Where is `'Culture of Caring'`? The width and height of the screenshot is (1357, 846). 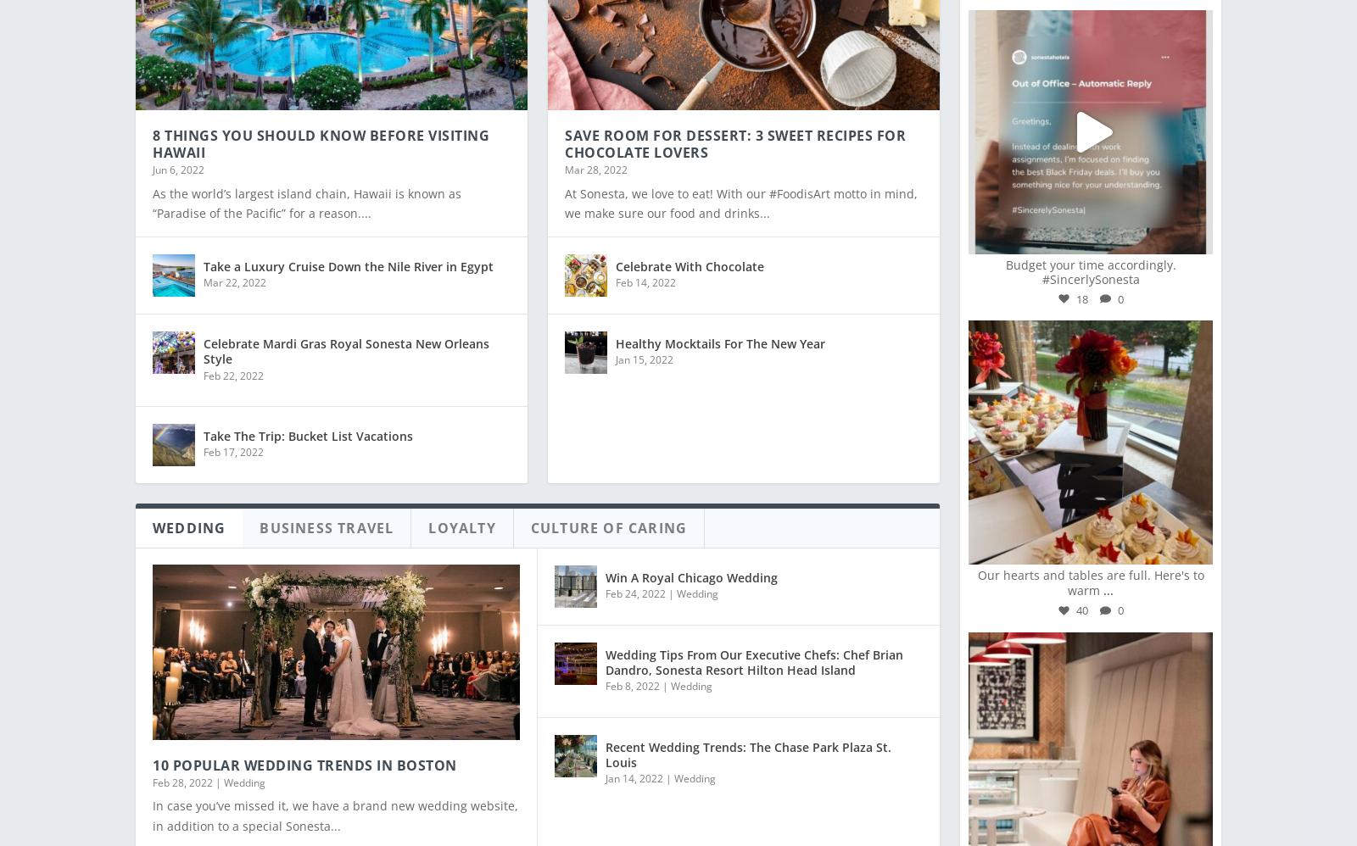
'Culture of Caring' is located at coordinates (260, 243).